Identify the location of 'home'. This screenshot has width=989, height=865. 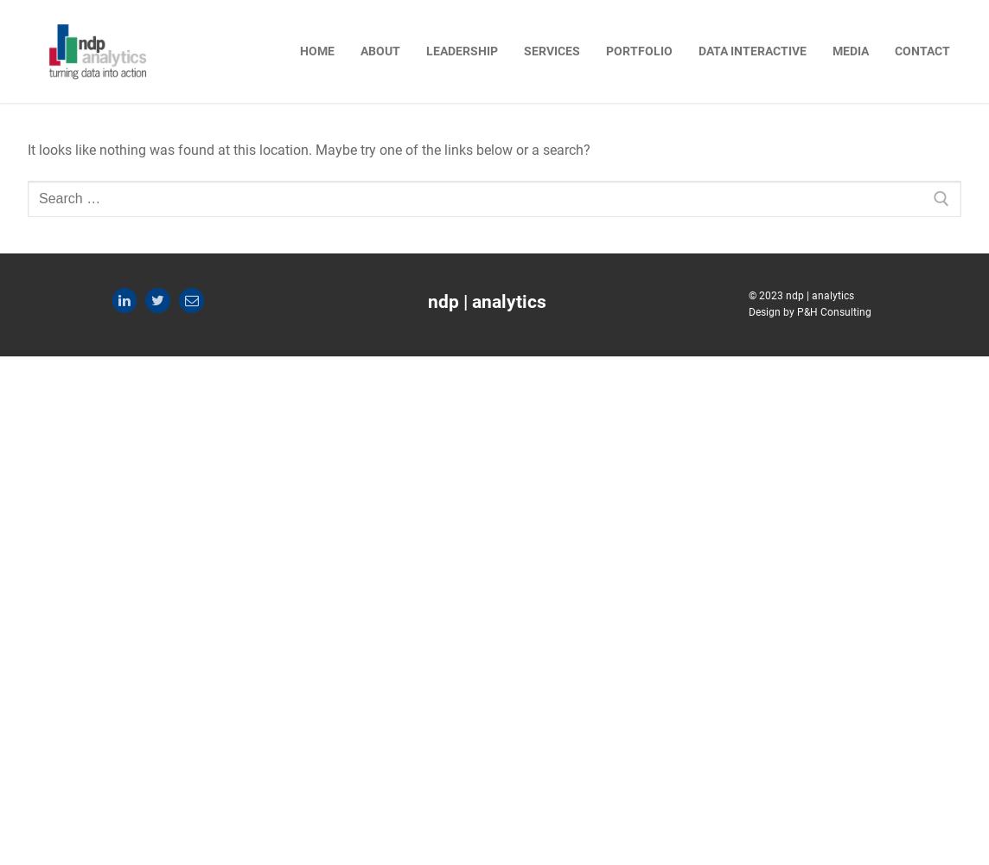
(316, 50).